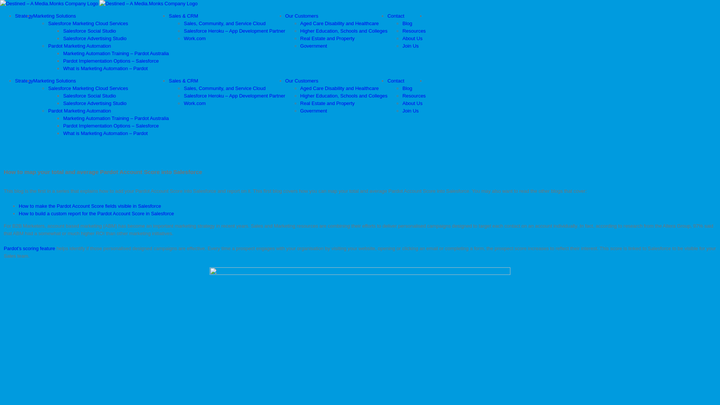 This screenshot has height=405, width=720. What do you see at coordinates (412, 103) in the screenshot?
I see `'About Us'` at bounding box center [412, 103].